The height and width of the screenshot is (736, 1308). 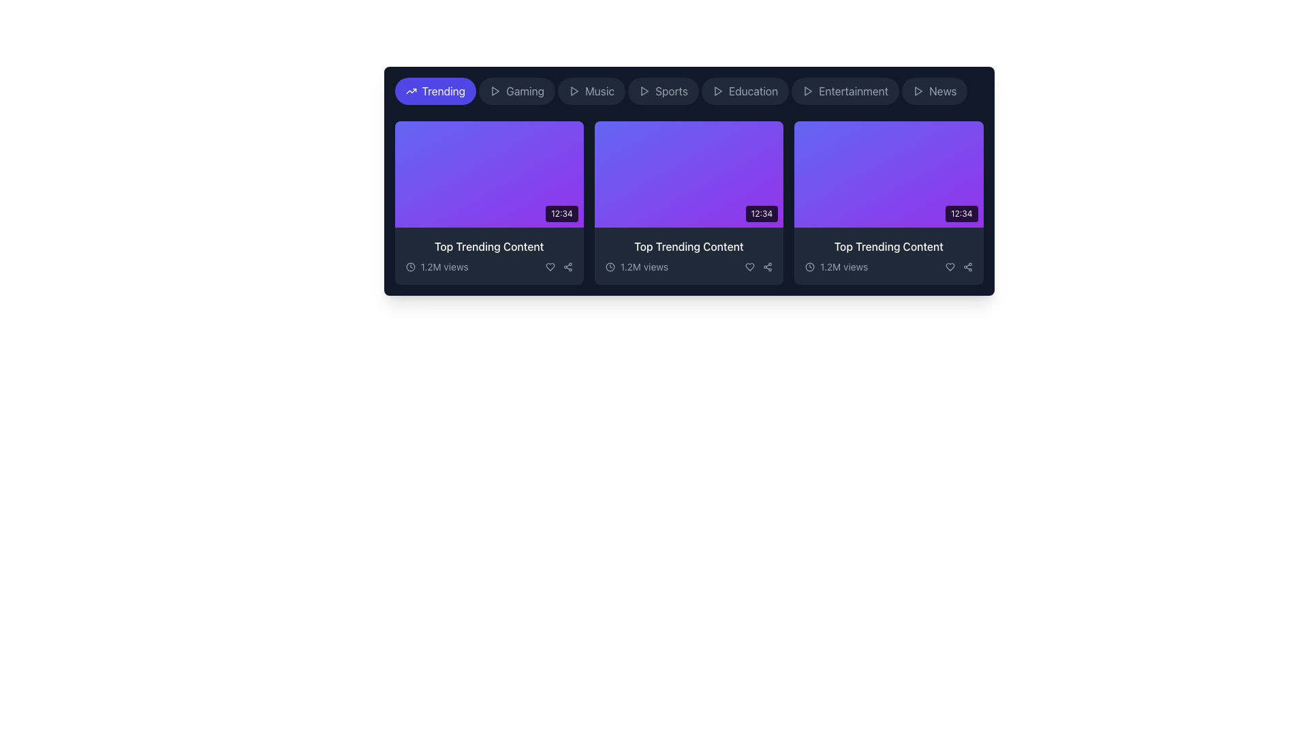 I want to click on the Play Icon (Triangular Button) located on the horizontal bar for the 'Sports' category, so click(x=644, y=91).